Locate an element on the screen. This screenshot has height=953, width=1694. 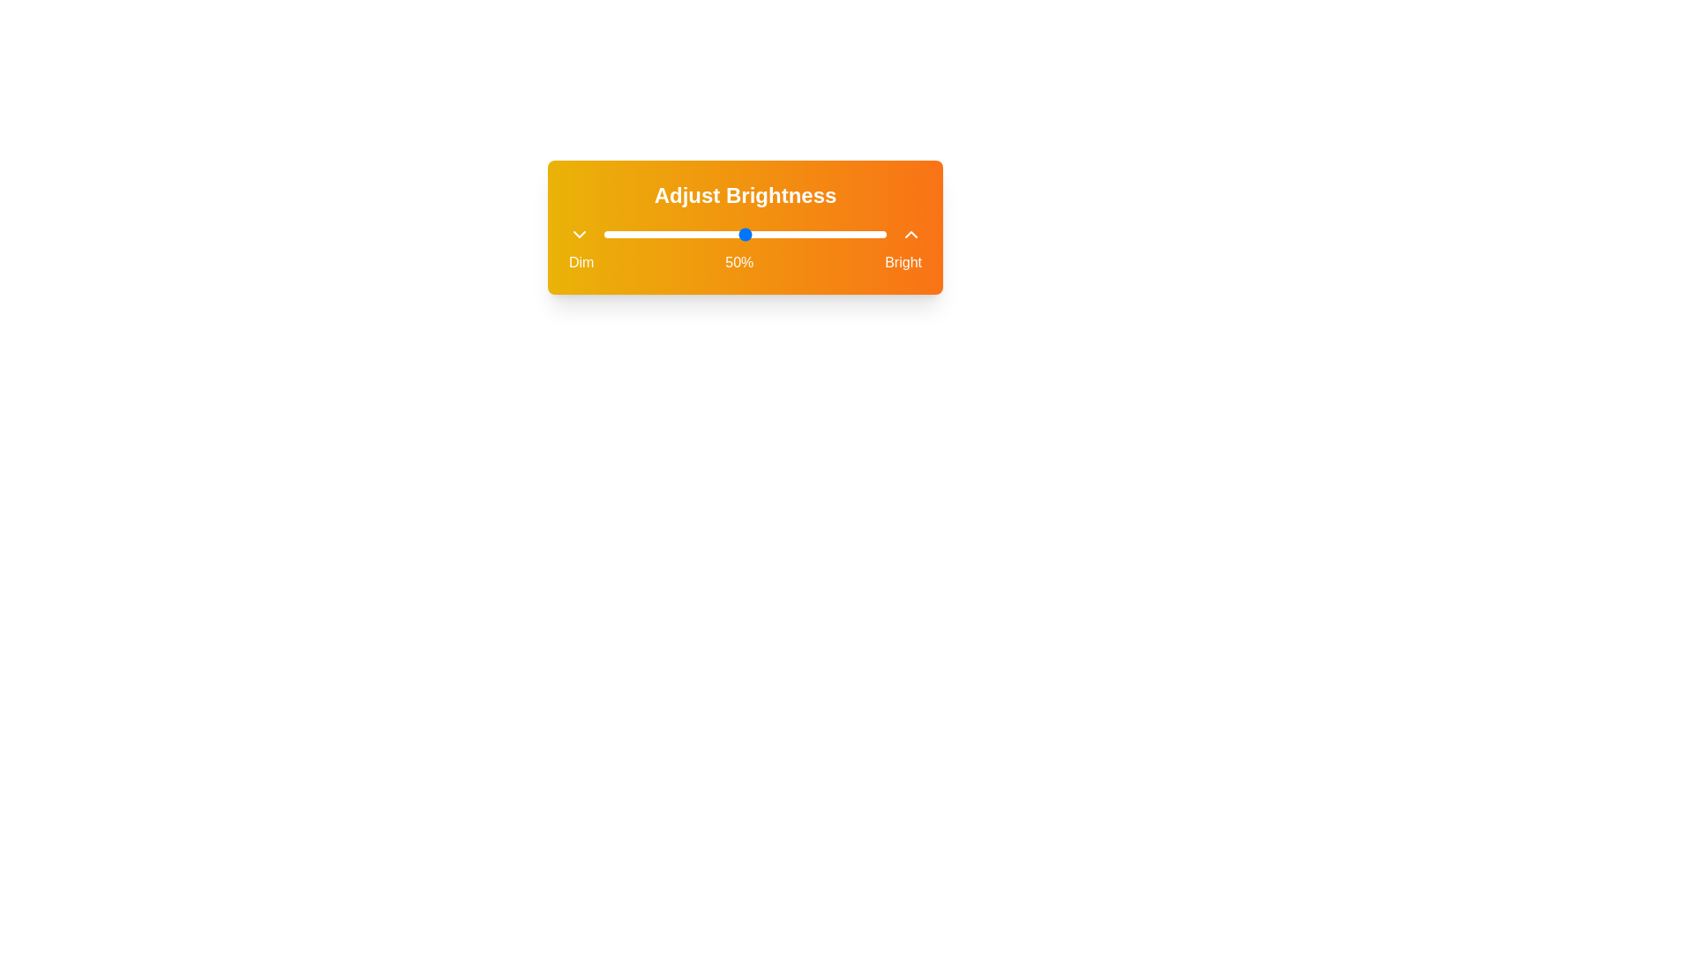
brightness level is located at coordinates (843, 234).